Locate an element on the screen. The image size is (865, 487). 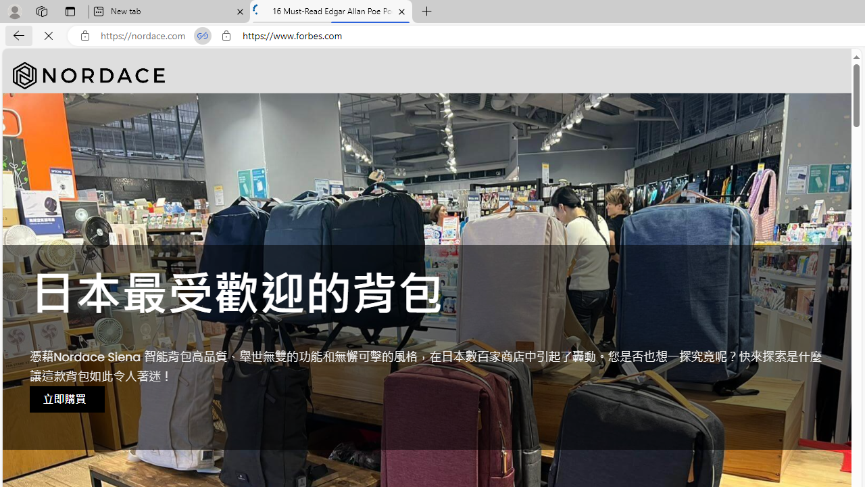
'16 Must-Read Edgar Allan Poe Poems And Short Stories' is located at coordinates (331, 11).